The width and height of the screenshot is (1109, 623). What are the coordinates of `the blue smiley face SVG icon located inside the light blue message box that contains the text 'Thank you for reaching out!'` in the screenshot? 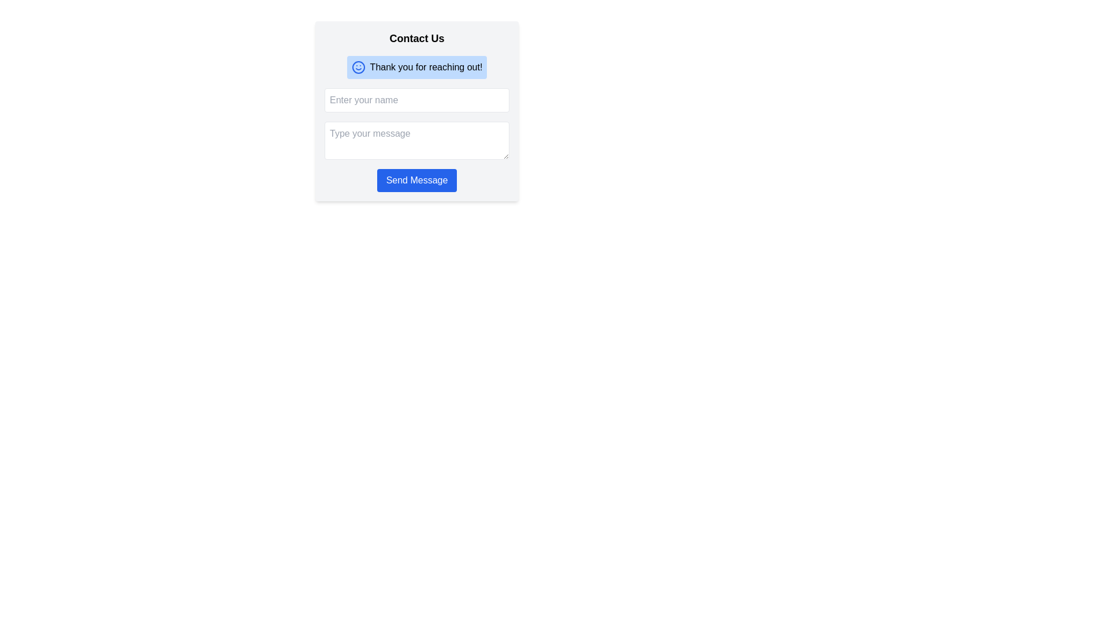 It's located at (358, 67).